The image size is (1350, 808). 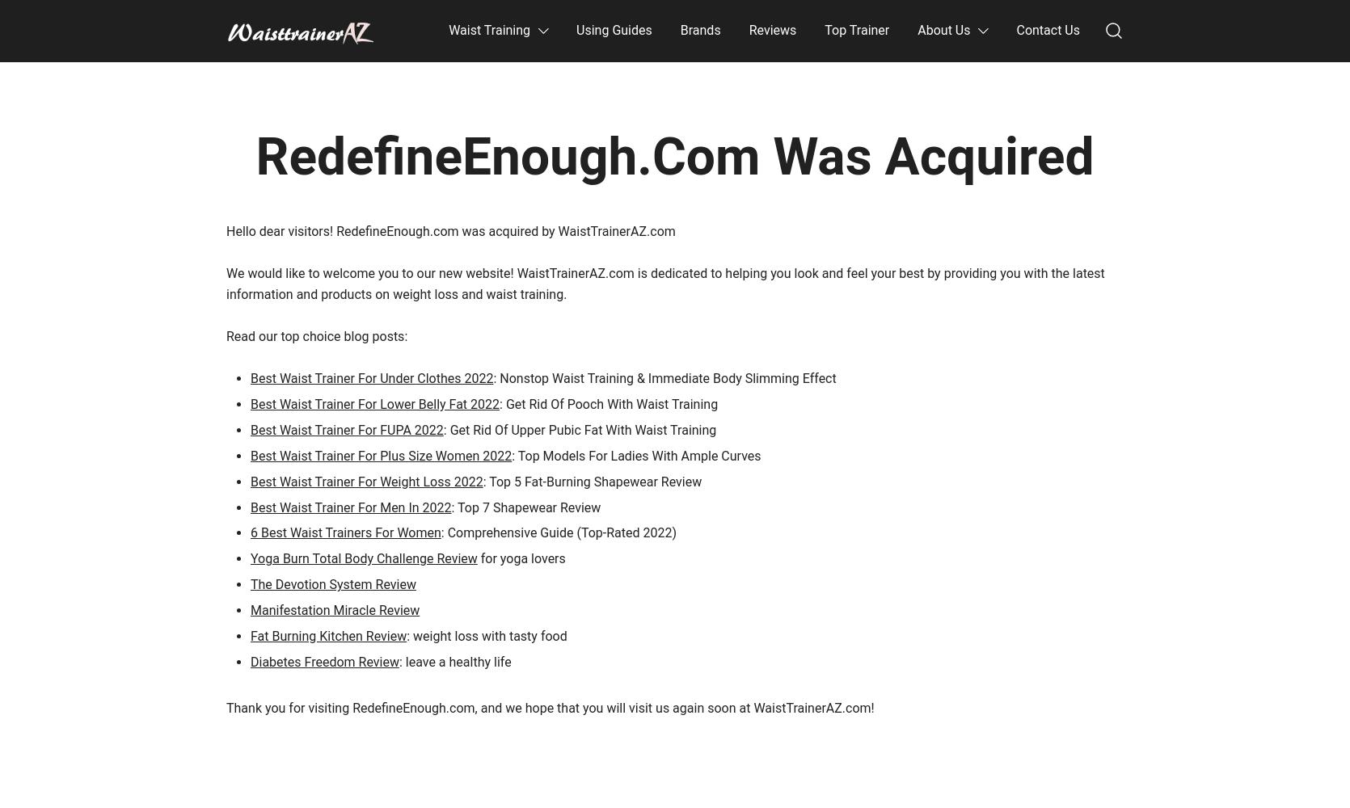 What do you see at coordinates (1047, 30) in the screenshot?
I see `'Contact Us'` at bounding box center [1047, 30].